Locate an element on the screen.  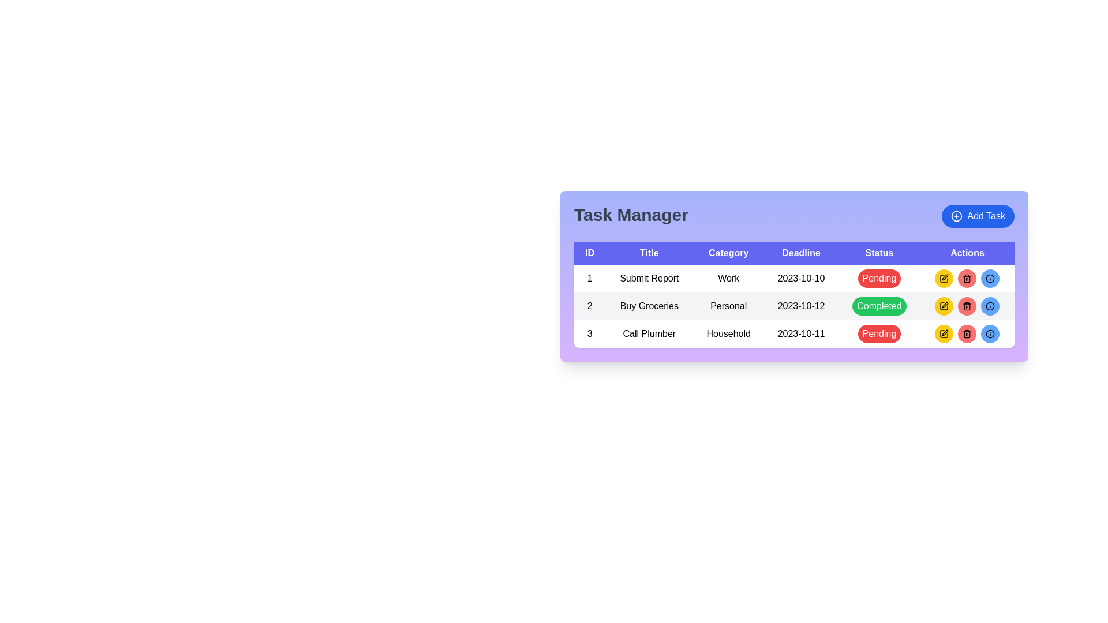
the 'Actions' header cell in the table, which is styled with a white font on a solid blue background and is the last column header in the row is located at coordinates (967, 253).